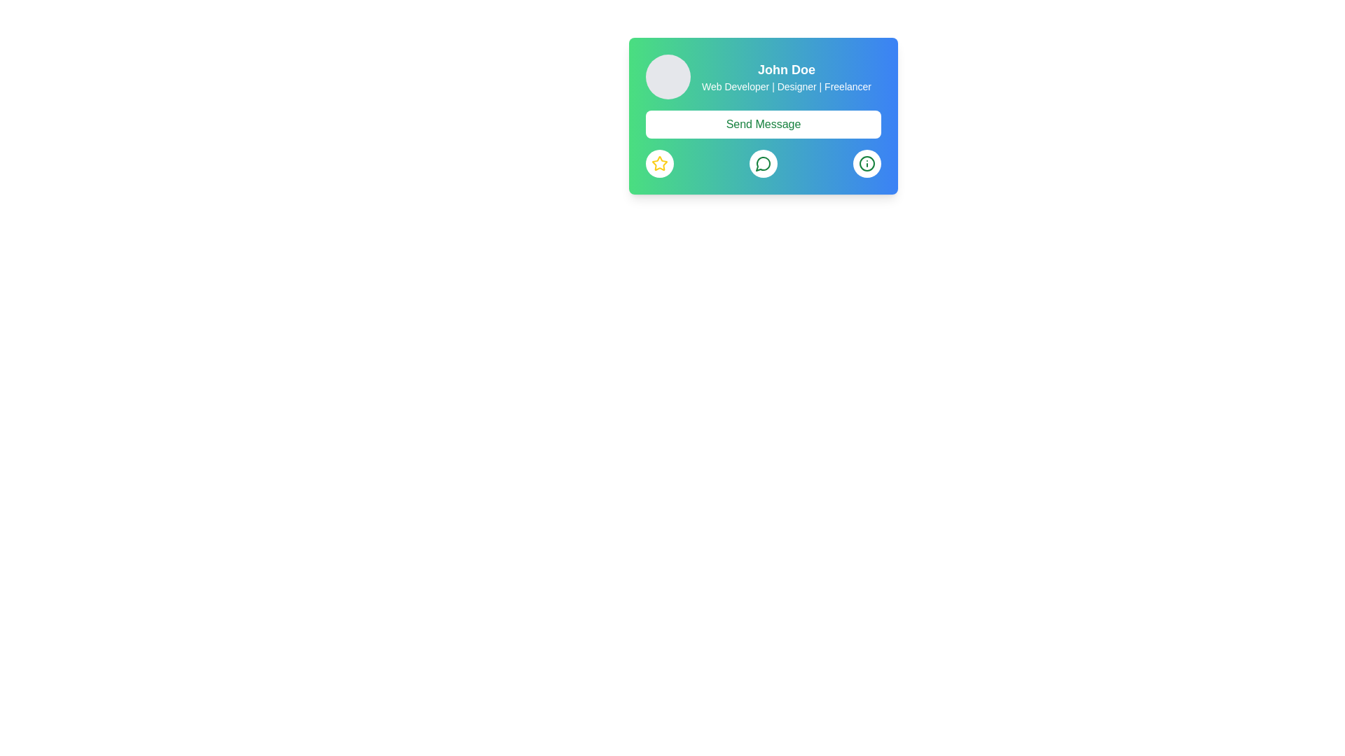 This screenshot has width=1345, height=756. What do you see at coordinates (787, 77) in the screenshot?
I see `the Text Block displaying the name 'John Doe' and the title 'Web Developer | Designer | Freelancer'` at bounding box center [787, 77].